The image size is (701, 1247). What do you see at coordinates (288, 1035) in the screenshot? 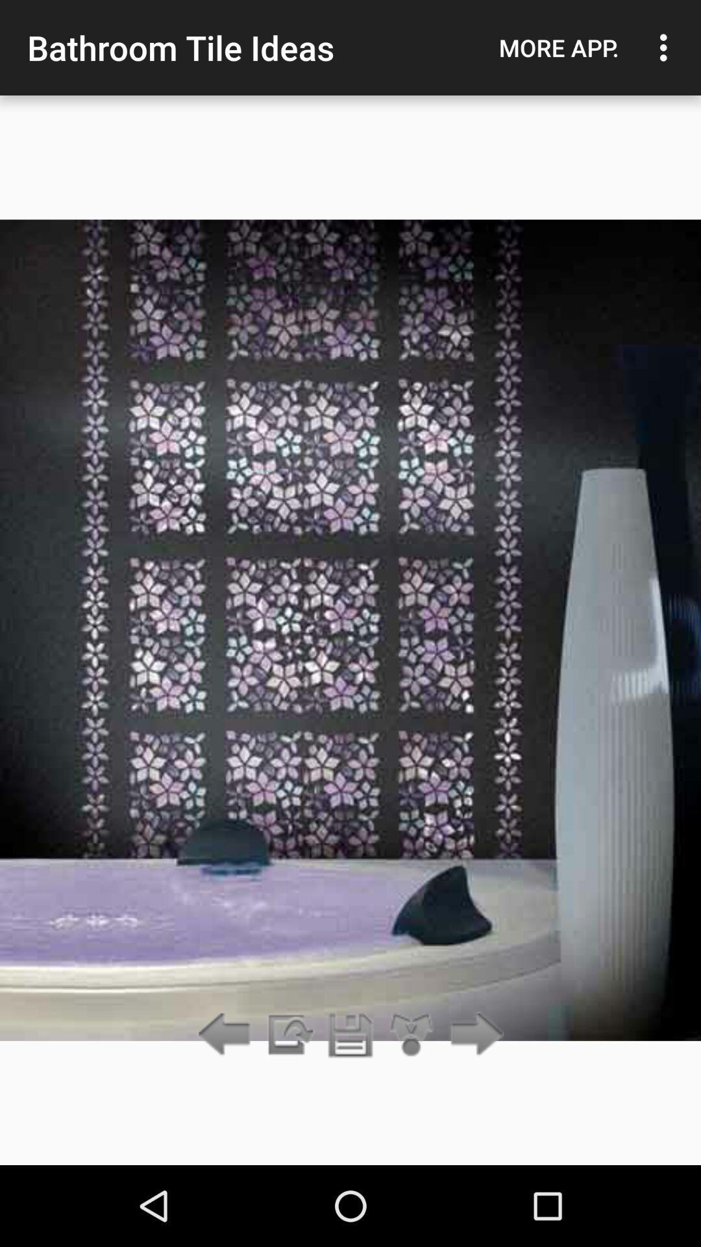
I see `previous` at bounding box center [288, 1035].